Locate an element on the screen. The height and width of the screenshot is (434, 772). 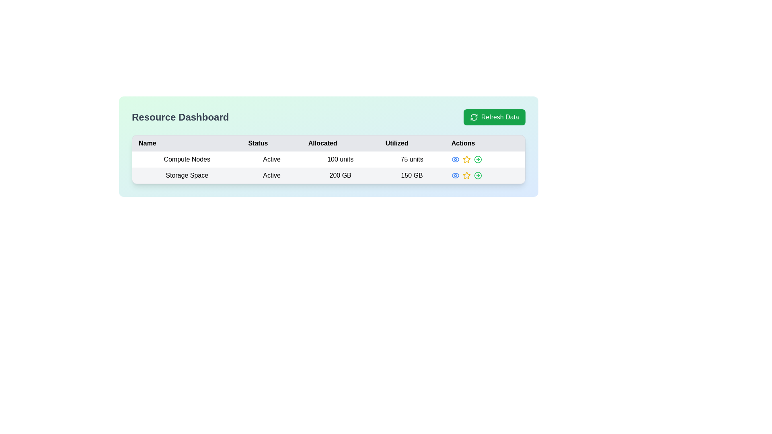
the 'Active' text label in bold black font, located in the 'Status' column of the first row under 'Compute Nodes' in the Resource Dashboard is located at coordinates (272, 160).